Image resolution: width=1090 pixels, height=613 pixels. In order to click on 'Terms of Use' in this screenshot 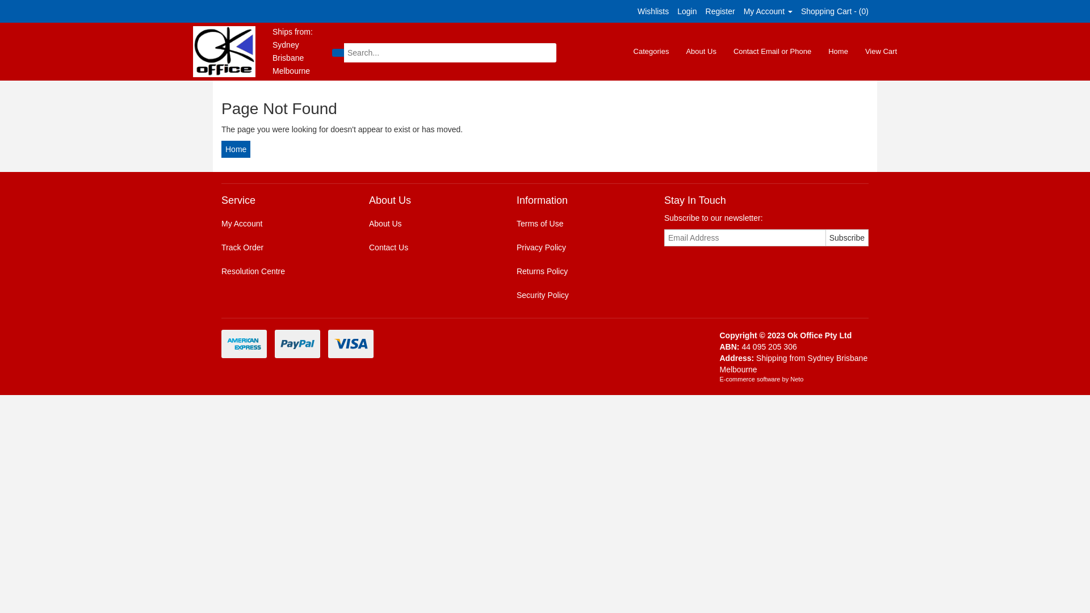, I will do `click(507, 223)`.